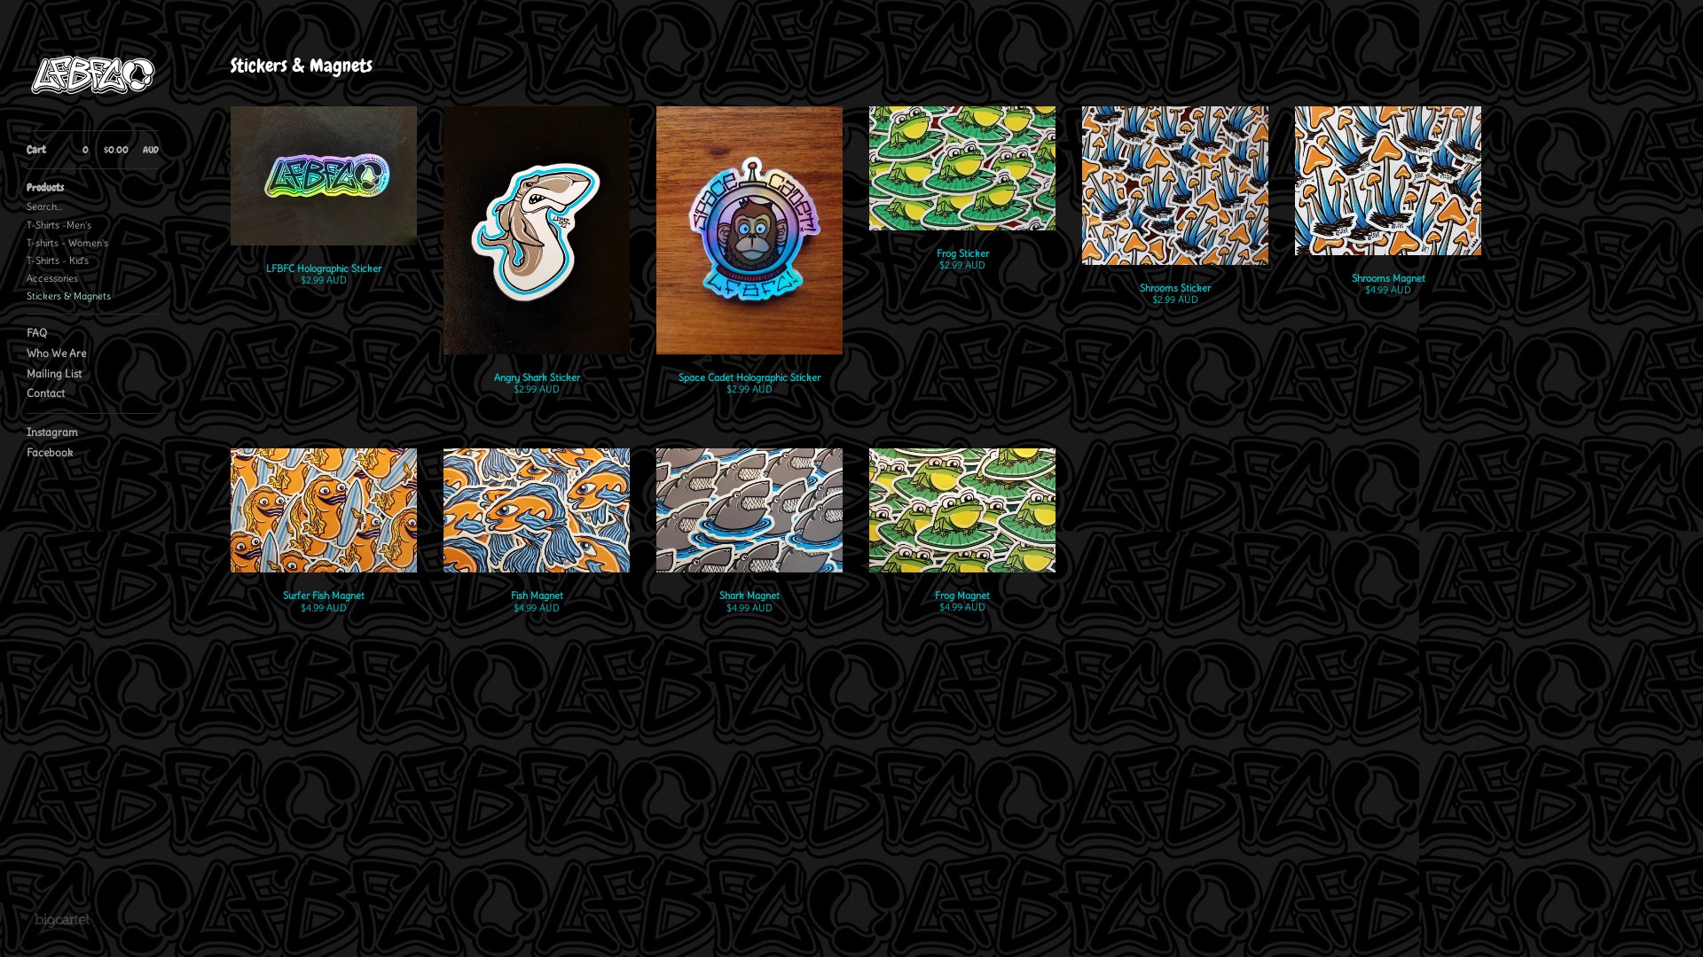 Image resolution: width=1703 pixels, height=957 pixels. I want to click on 'Products', so click(91, 188).